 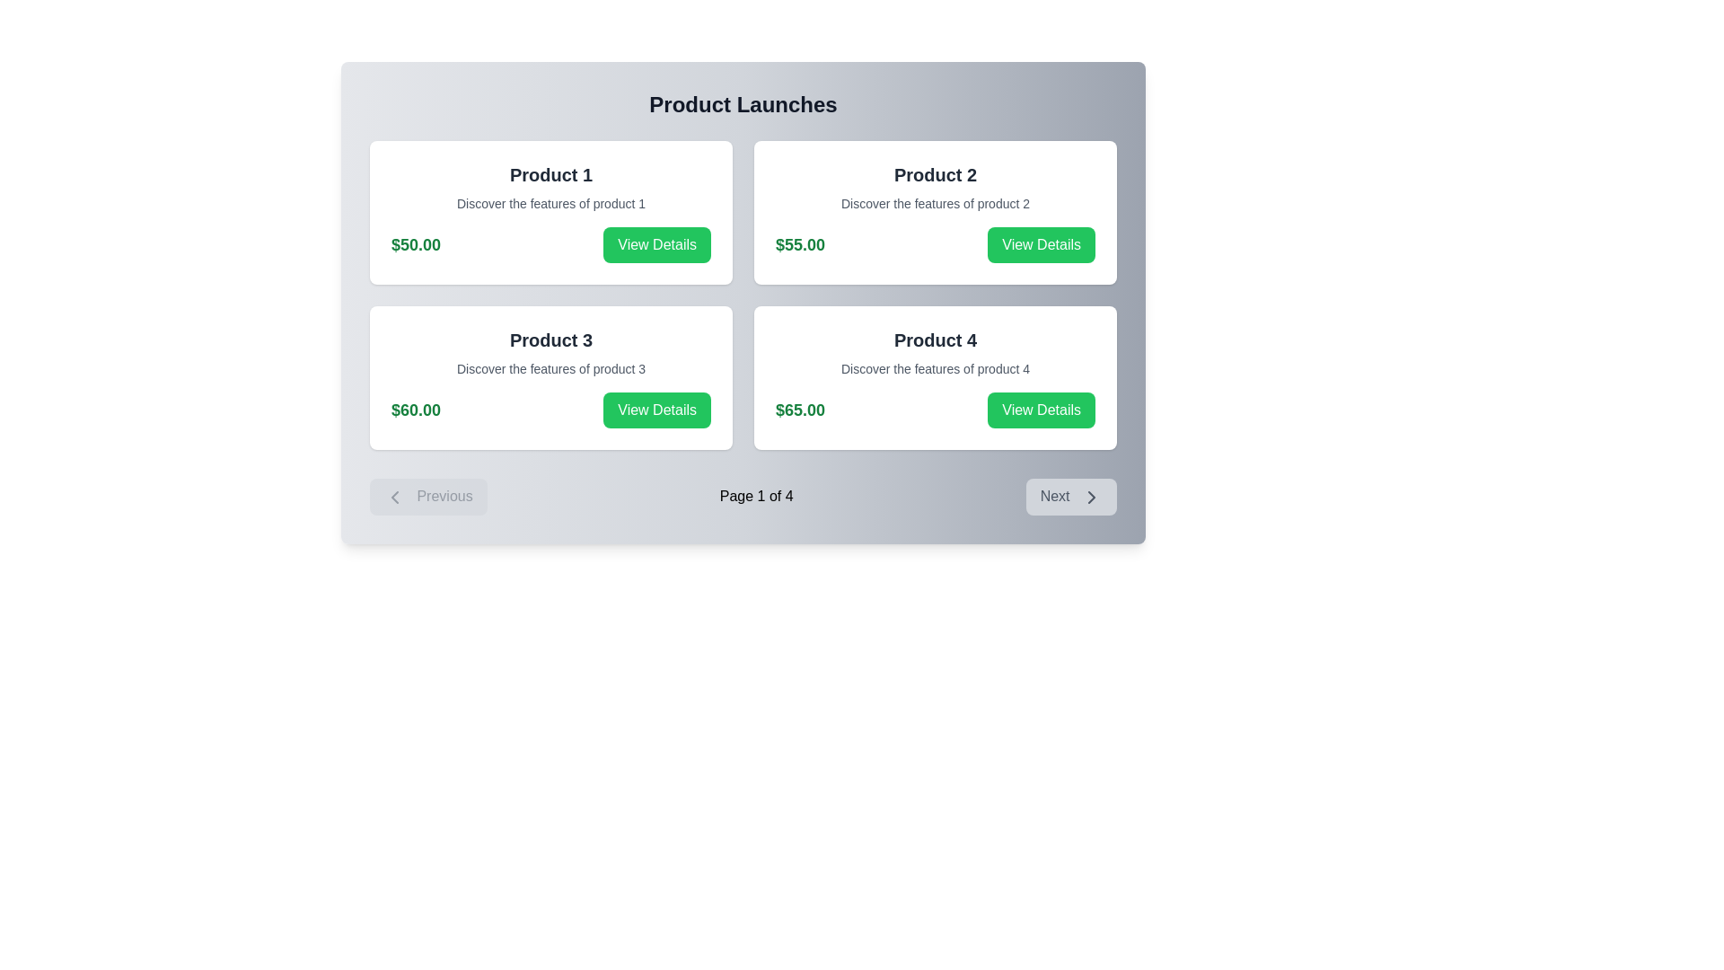 I want to click on the left-facing chevron icon located near the 'Previous' button, so click(x=394, y=496).